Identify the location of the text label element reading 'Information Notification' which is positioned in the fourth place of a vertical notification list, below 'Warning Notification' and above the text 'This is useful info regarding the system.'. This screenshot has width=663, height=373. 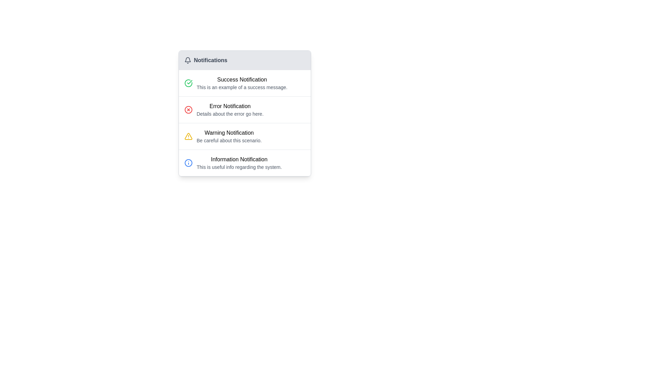
(239, 160).